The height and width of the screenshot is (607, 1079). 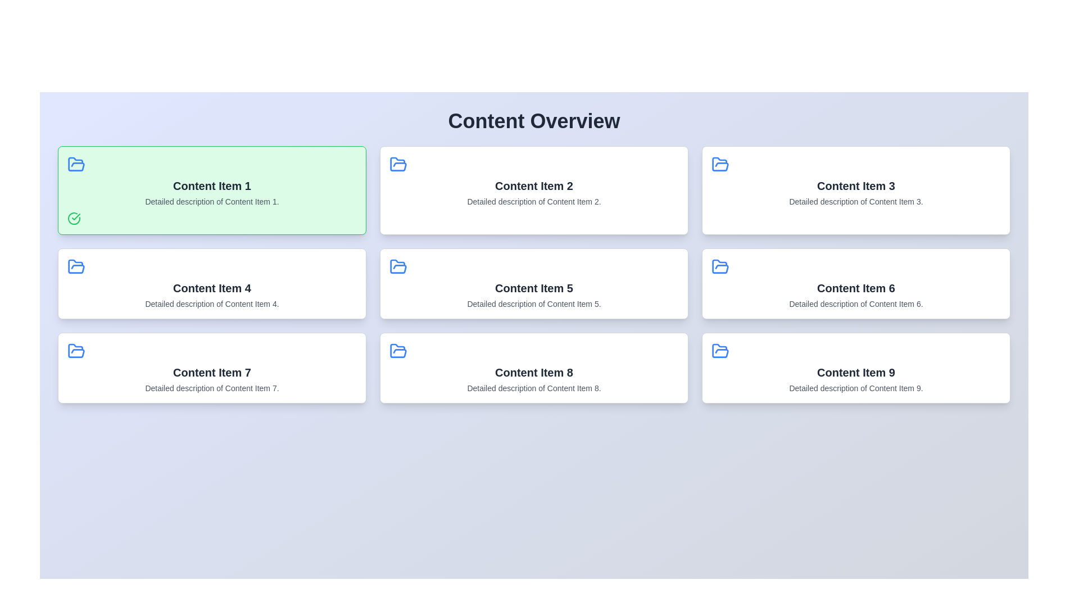 What do you see at coordinates (74, 219) in the screenshot?
I see `the 'Content Item 1' card indirectly by targeting the green checkmark icon in the top-left corner, which indicates a completed status` at bounding box center [74, 219].